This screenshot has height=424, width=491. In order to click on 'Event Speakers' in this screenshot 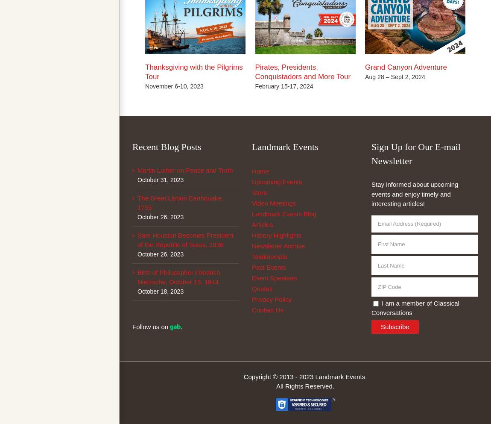, I will do `click(274, 278)`.